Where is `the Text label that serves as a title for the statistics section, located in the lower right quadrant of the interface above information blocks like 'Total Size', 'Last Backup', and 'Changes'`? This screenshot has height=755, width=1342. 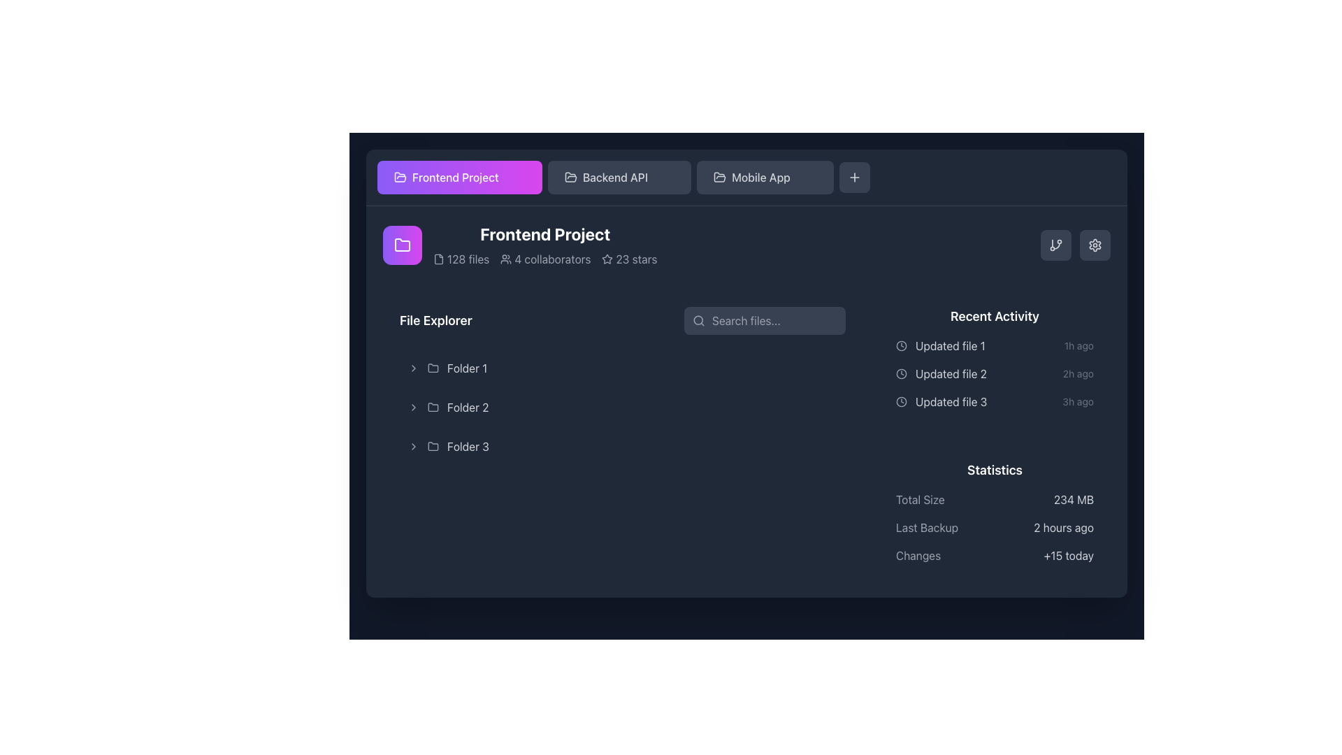
the Text label that serves as a title for the statistics section, located in the lower right quadrant of the interface above information blocks like 'Total Size', 'Last Backup', and 'Changes' is located at coordinates (994, 470).